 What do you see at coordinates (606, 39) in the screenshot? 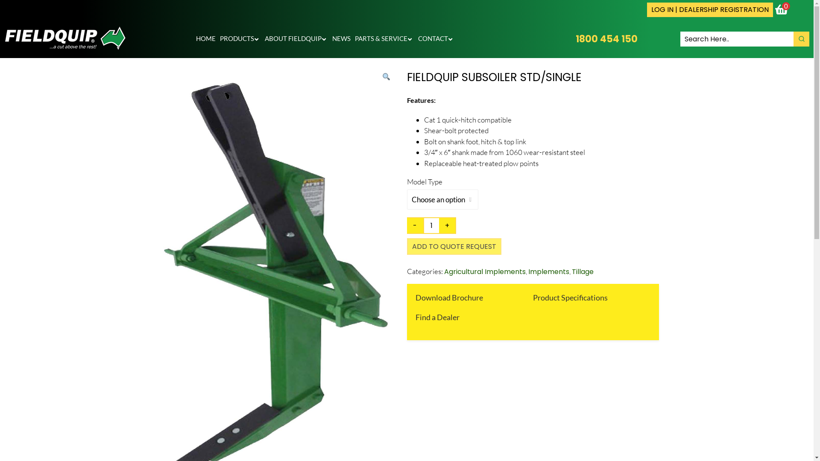
I see `'1800 454 150'` at bounding box center [606, 39].